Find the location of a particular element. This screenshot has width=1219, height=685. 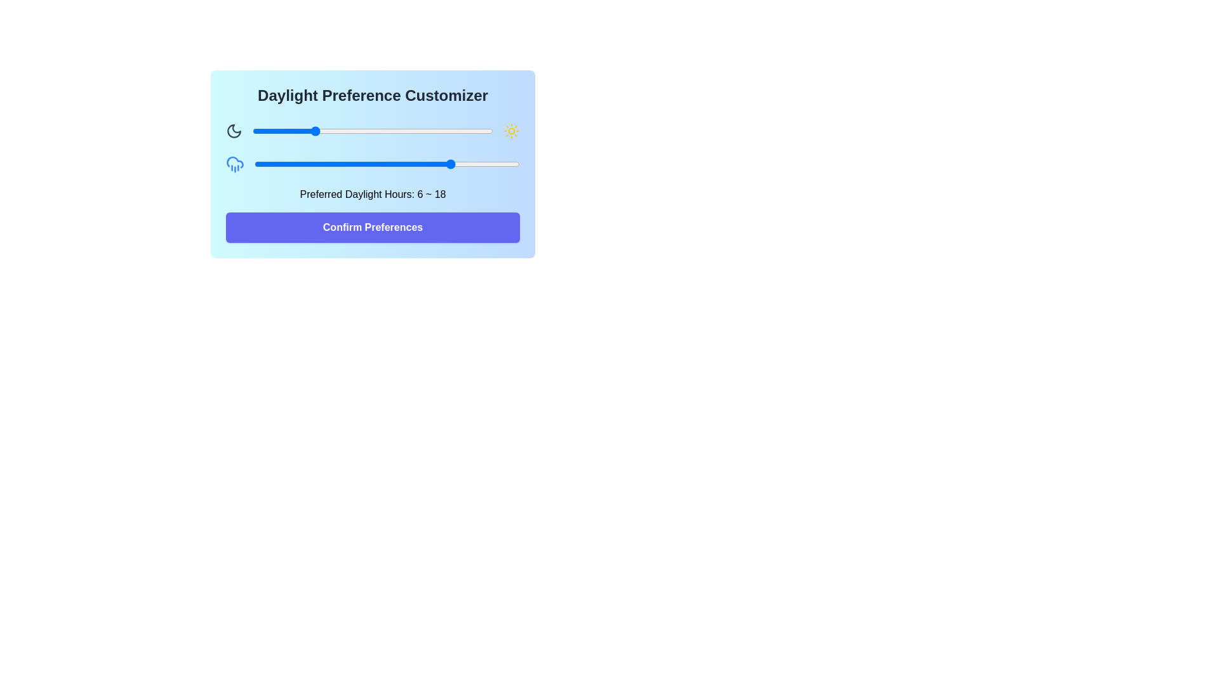

the preferred daylight hours is located at coordinates (354, 163).